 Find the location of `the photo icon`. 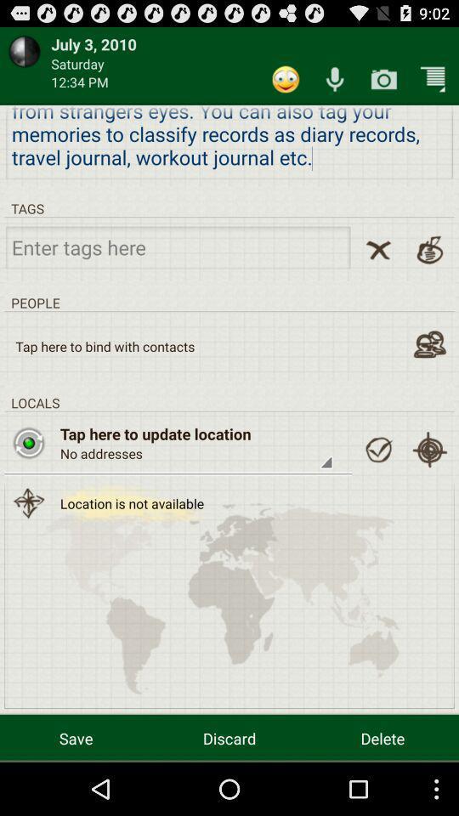

the photo icon is located at coordinates (28, 473).